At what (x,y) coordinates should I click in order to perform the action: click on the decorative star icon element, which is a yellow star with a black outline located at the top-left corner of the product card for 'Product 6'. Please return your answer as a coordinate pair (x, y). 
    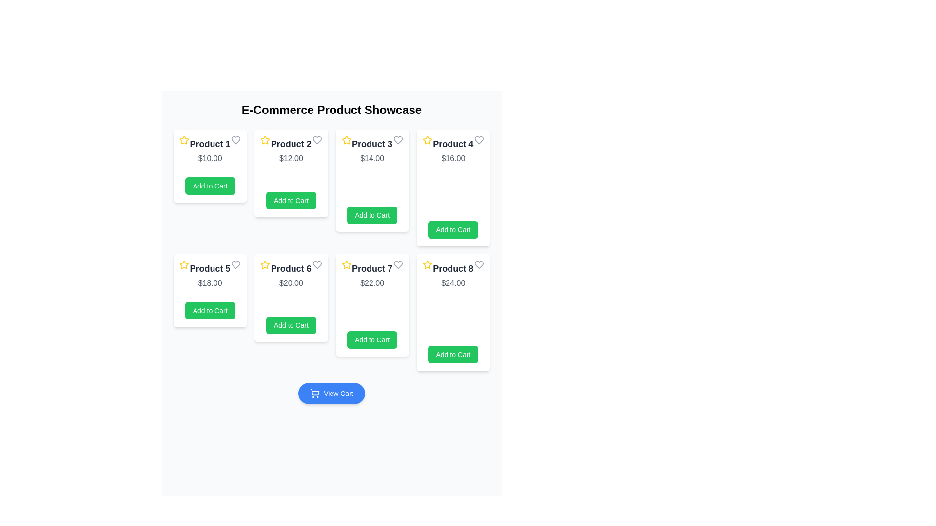
    Looking at the image, I should click on (265, 264).